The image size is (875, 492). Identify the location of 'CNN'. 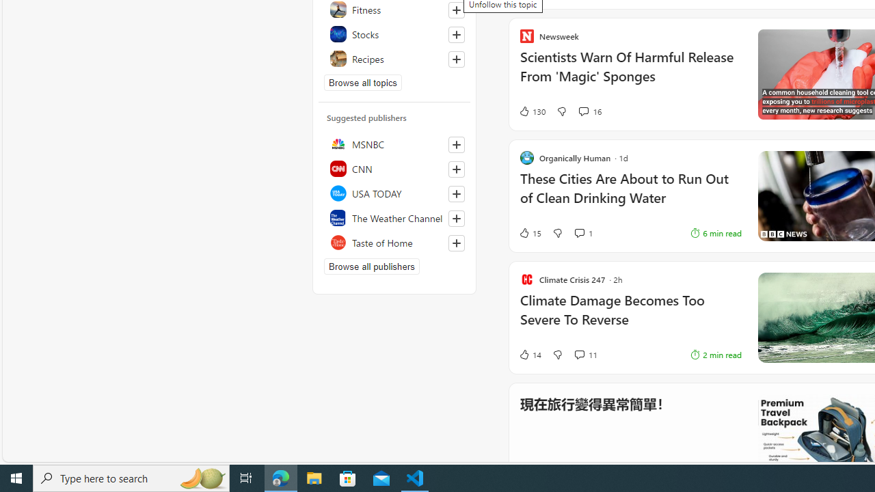
(394, 167).